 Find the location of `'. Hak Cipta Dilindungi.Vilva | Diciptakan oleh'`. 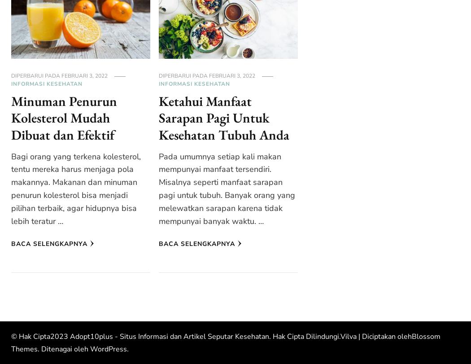

'. Hak Cipta Dilindungi.Vilva | Diciptakan oleh' is located at coordinates (340, 336).